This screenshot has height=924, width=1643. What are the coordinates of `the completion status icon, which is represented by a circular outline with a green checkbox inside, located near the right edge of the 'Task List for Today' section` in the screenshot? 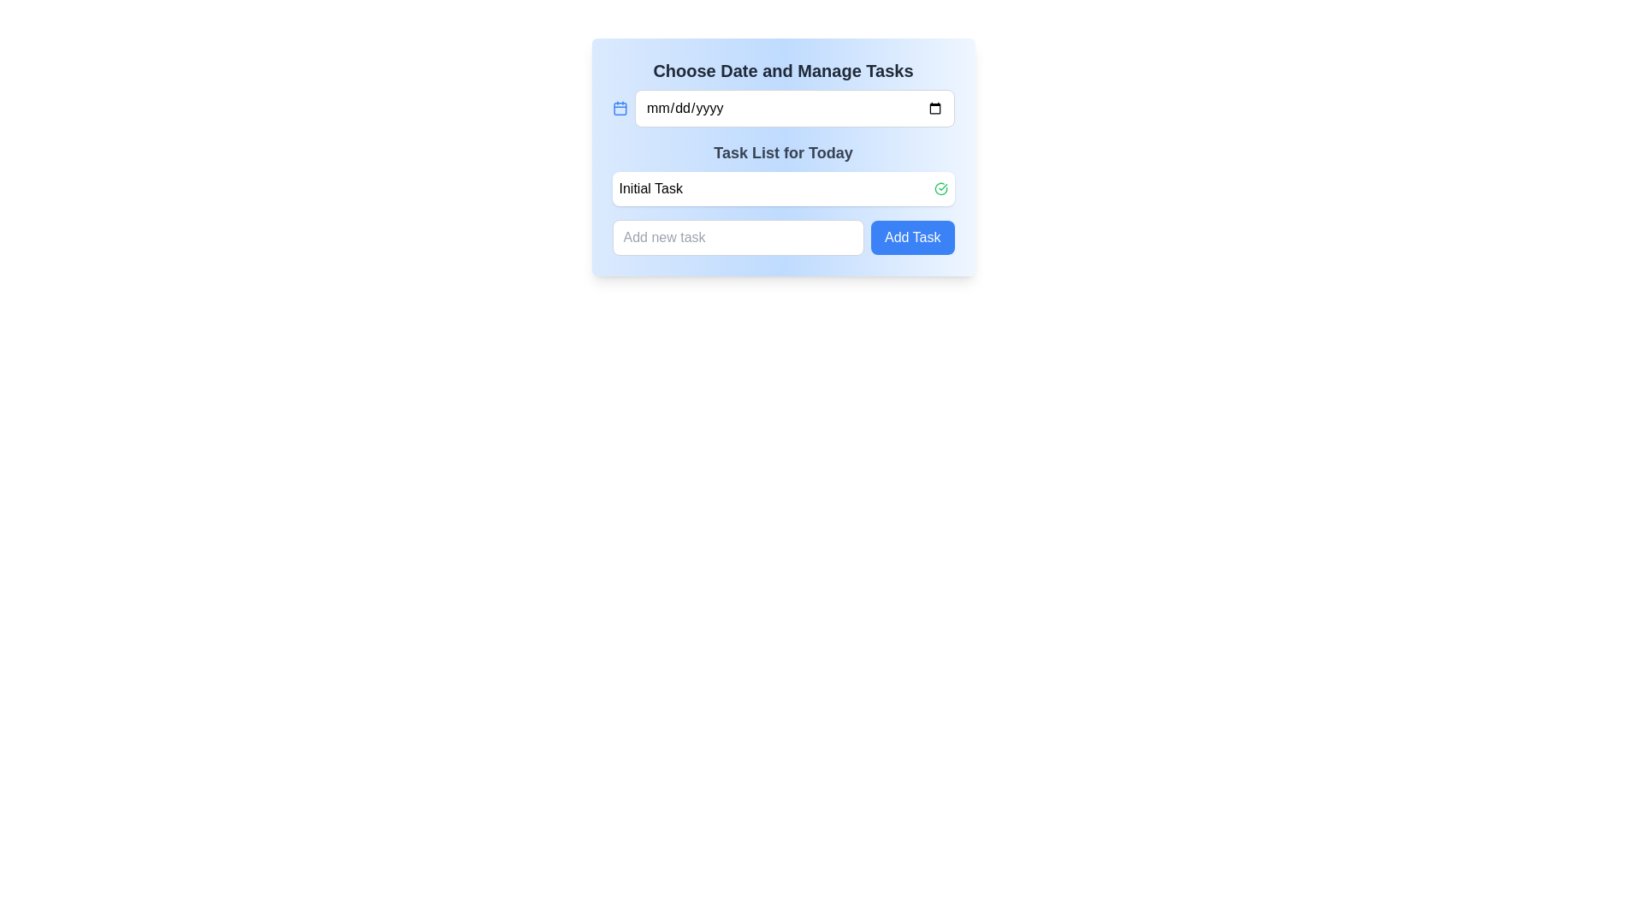 It's located at (940, 188).